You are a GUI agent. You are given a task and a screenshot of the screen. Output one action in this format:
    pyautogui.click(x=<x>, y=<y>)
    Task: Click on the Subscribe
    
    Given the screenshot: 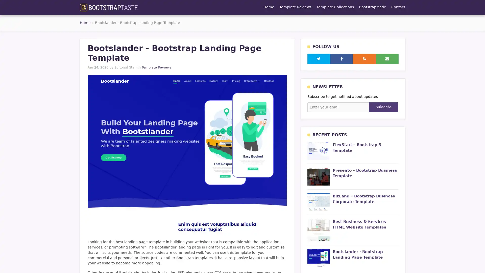 What is the action you would take?
    pyautogui.click(x=383, y=107)
    